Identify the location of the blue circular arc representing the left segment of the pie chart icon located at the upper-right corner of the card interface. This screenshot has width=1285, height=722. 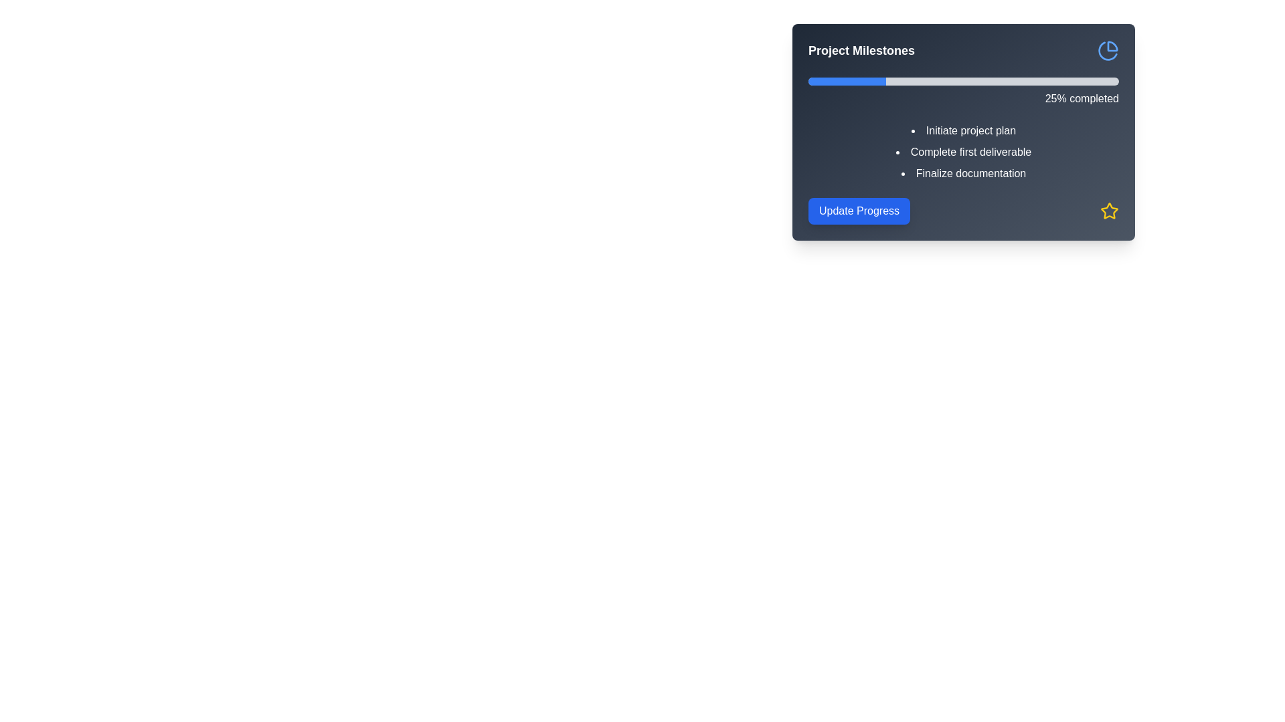
(1112, 45).